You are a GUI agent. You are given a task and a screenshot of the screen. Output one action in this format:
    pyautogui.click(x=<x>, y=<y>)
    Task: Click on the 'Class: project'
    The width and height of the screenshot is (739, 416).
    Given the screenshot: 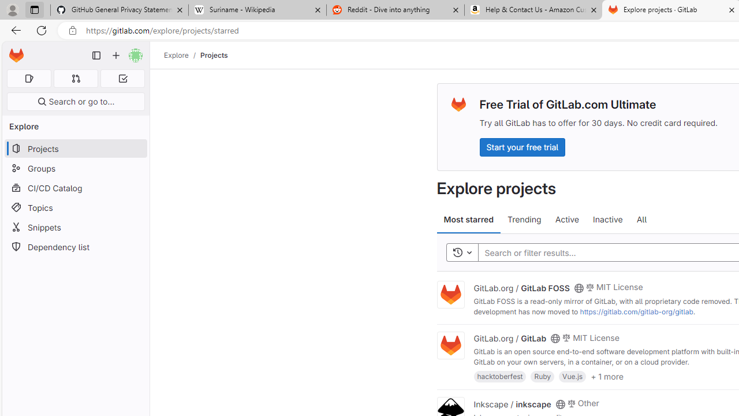 What is the action you would take?
    pyautogui.click(x=450, y=344)
    